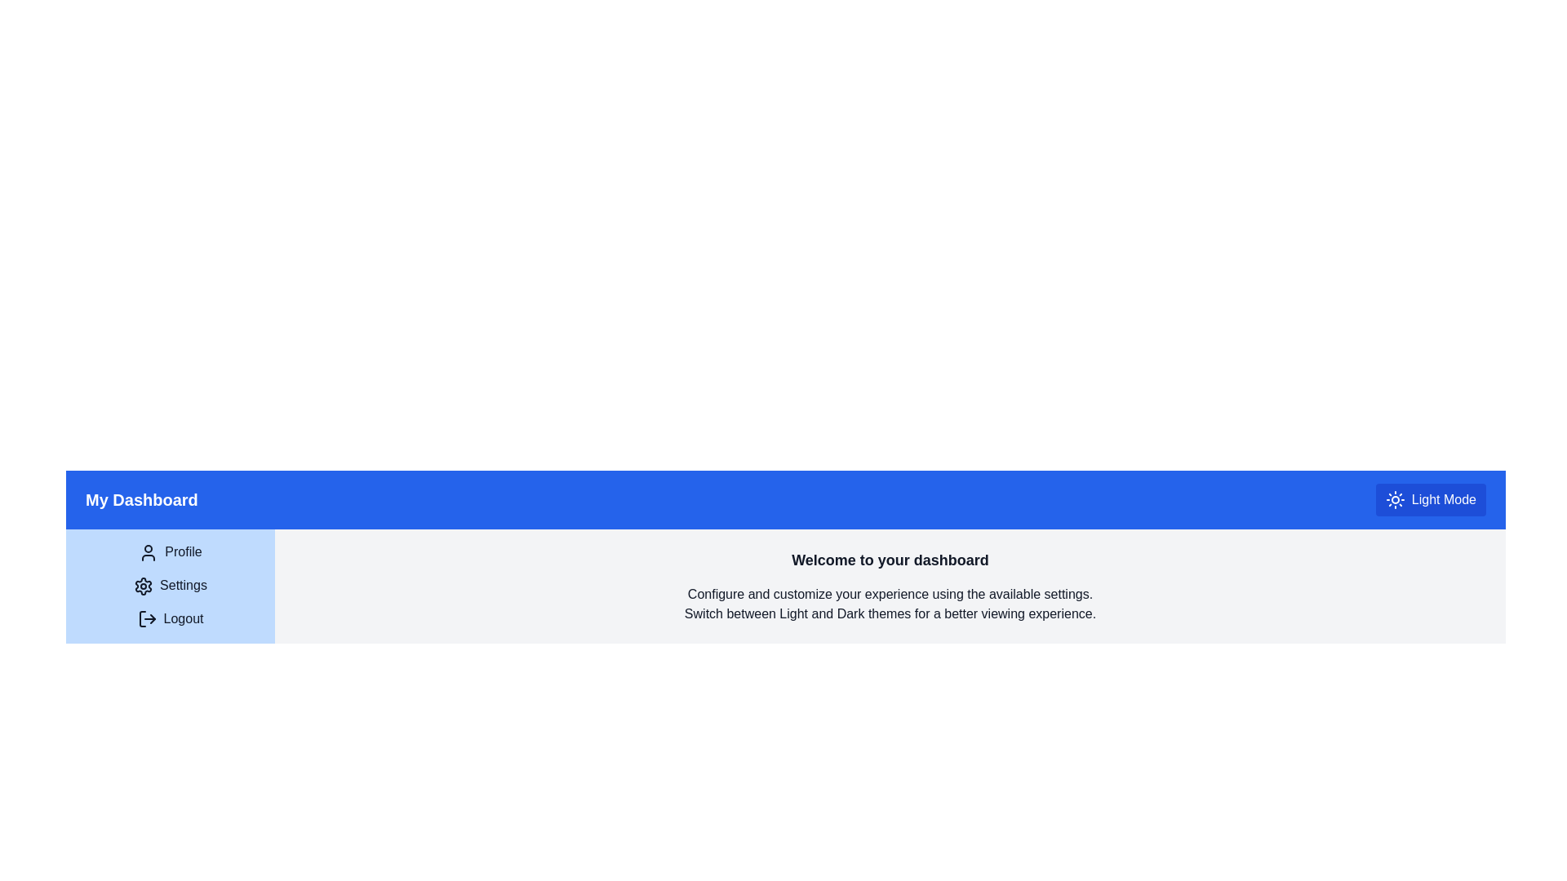 Image resolution: width=1567 pixels, height=881 pixels. What do you see at coordinates (889, 604) in the screenshot?
I see `the text block that contains the lines 'Configure and customize your experience using the available settings.' and 'Switch between Light and Dark themes for a better viewing experience.'` at bounding box center [889, 604].